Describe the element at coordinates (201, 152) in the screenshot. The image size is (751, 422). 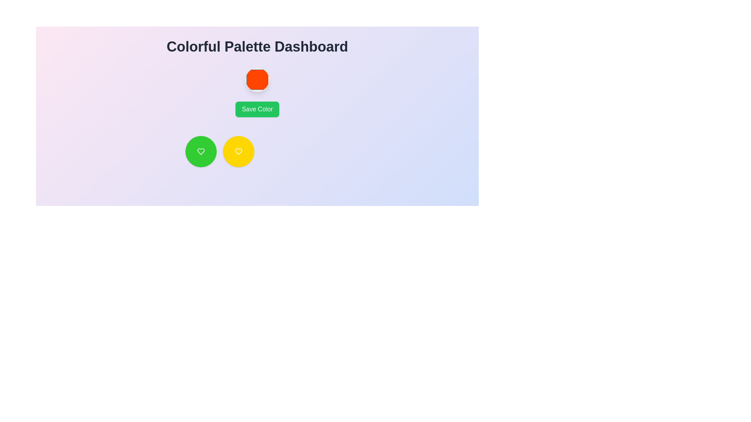
I see `the heart icon inside the green circular button located in the bottom-left section of the interface layout` at that location.